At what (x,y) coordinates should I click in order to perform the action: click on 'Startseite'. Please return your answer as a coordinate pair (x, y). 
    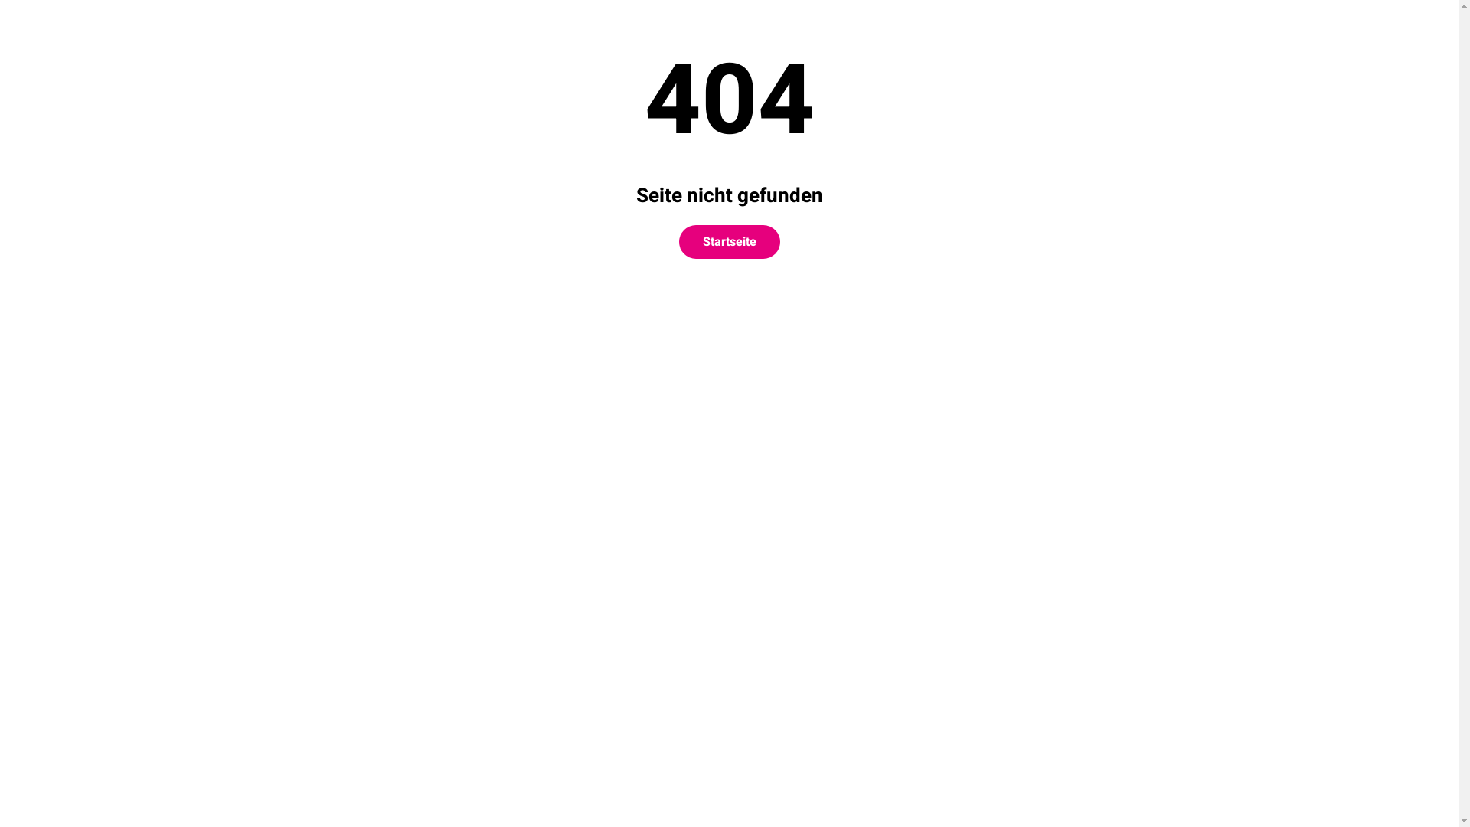
    Looking at the image, I should click on (727, 241).